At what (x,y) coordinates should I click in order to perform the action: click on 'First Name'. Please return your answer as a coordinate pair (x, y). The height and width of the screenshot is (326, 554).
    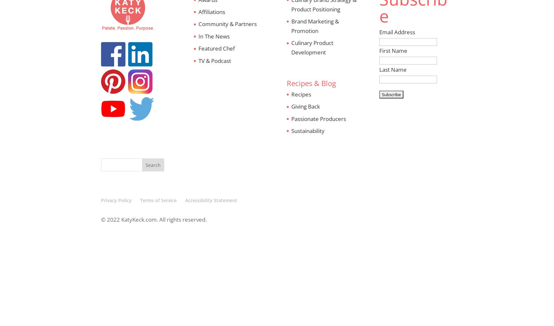
    Looking at the image, I should click on (379, 51).